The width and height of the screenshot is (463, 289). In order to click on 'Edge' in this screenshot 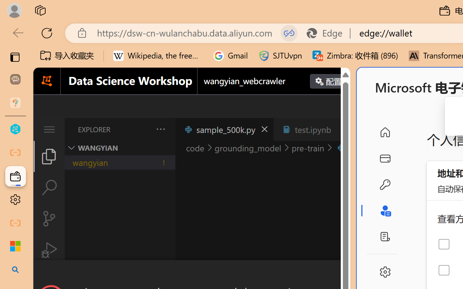, I will do `click(327, 33)`.